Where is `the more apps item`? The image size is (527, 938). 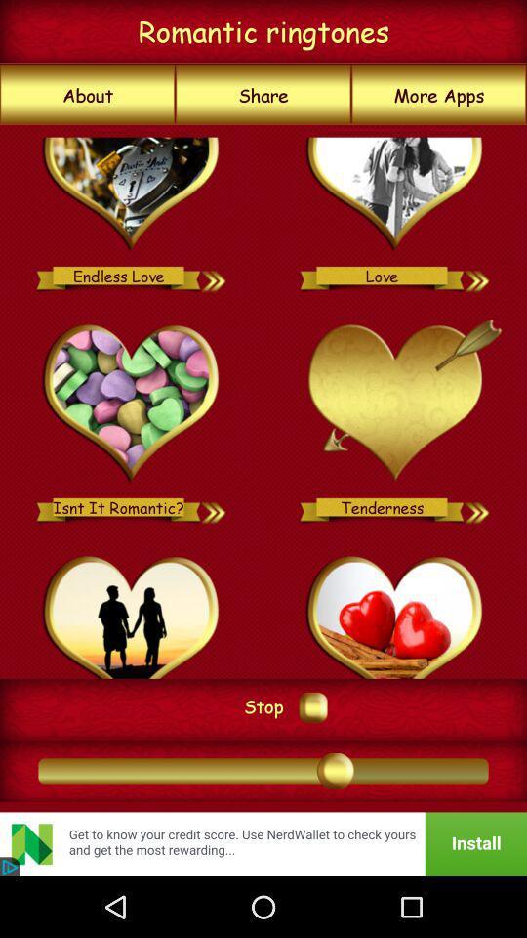 the more apps item is located at coordinates (439, 95).